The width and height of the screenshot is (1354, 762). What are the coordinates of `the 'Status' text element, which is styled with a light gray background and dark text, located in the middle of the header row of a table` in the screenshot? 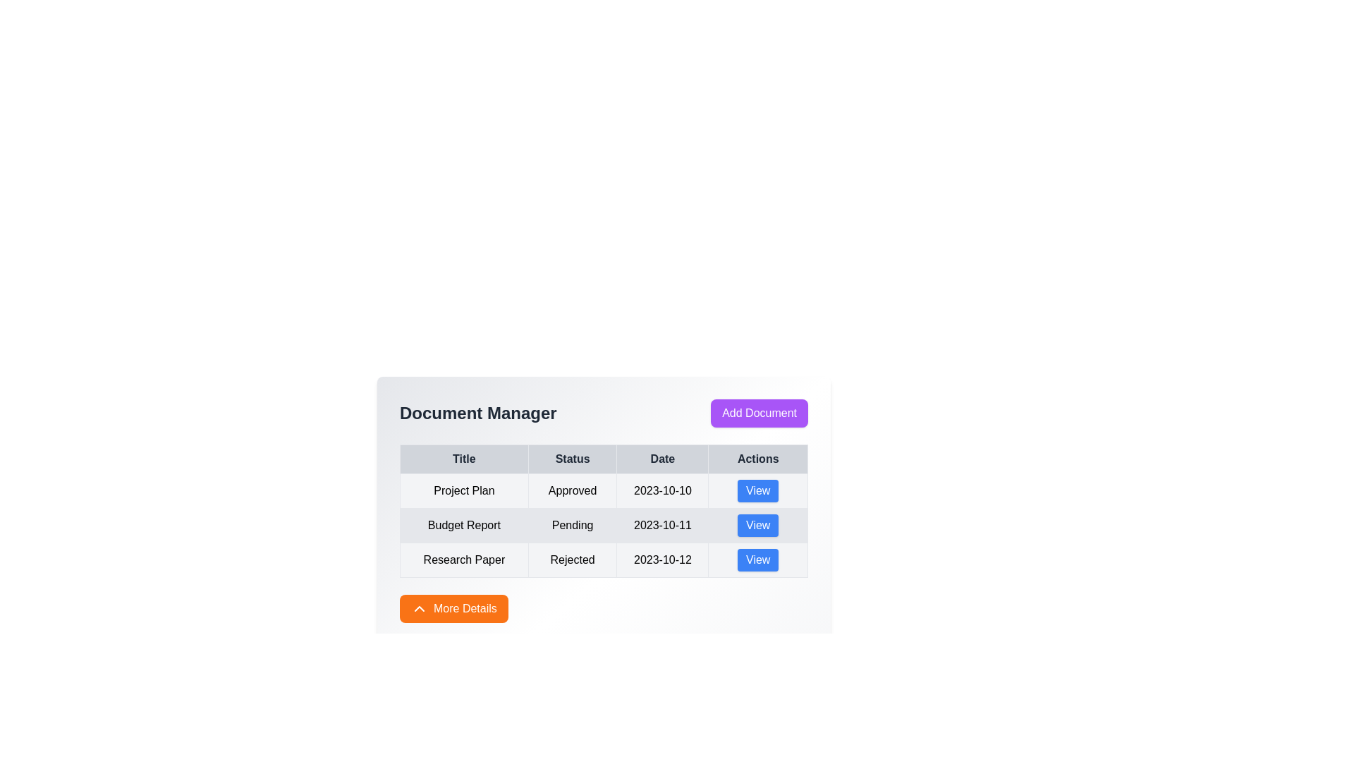 It's located at (573, 459).